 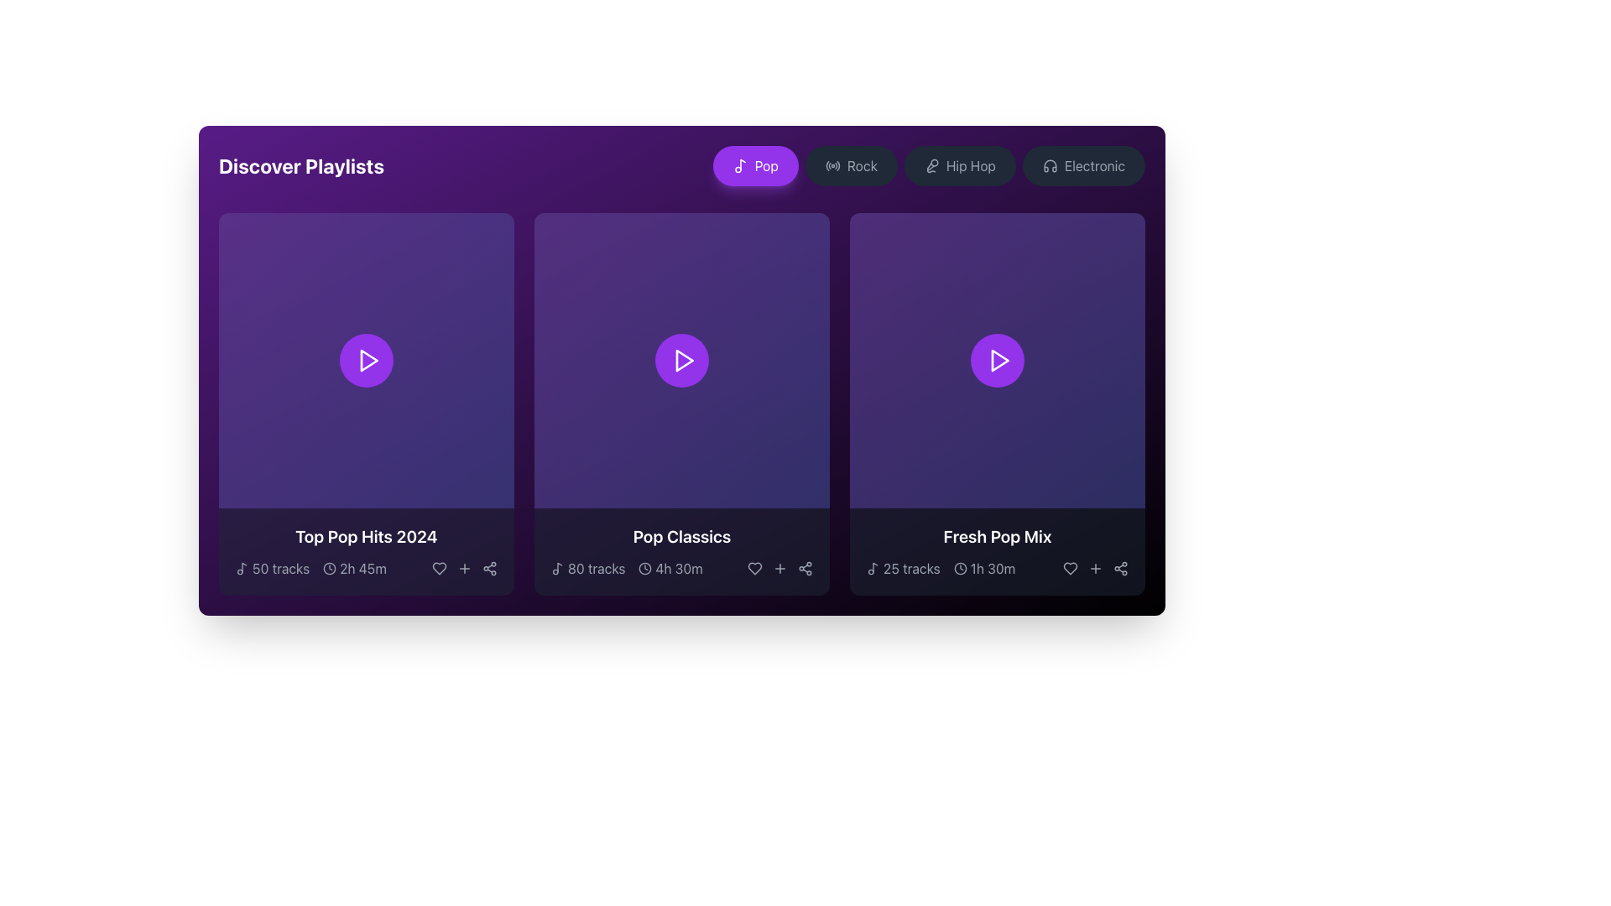 What do you see at coordinates (679, 568) in the screenshot?
I see `the '4h 30m' text label indicating the total duration of the playlist in the 'Pop Classics' card, located between the track count and small icons` at bounding box center [679, 568].